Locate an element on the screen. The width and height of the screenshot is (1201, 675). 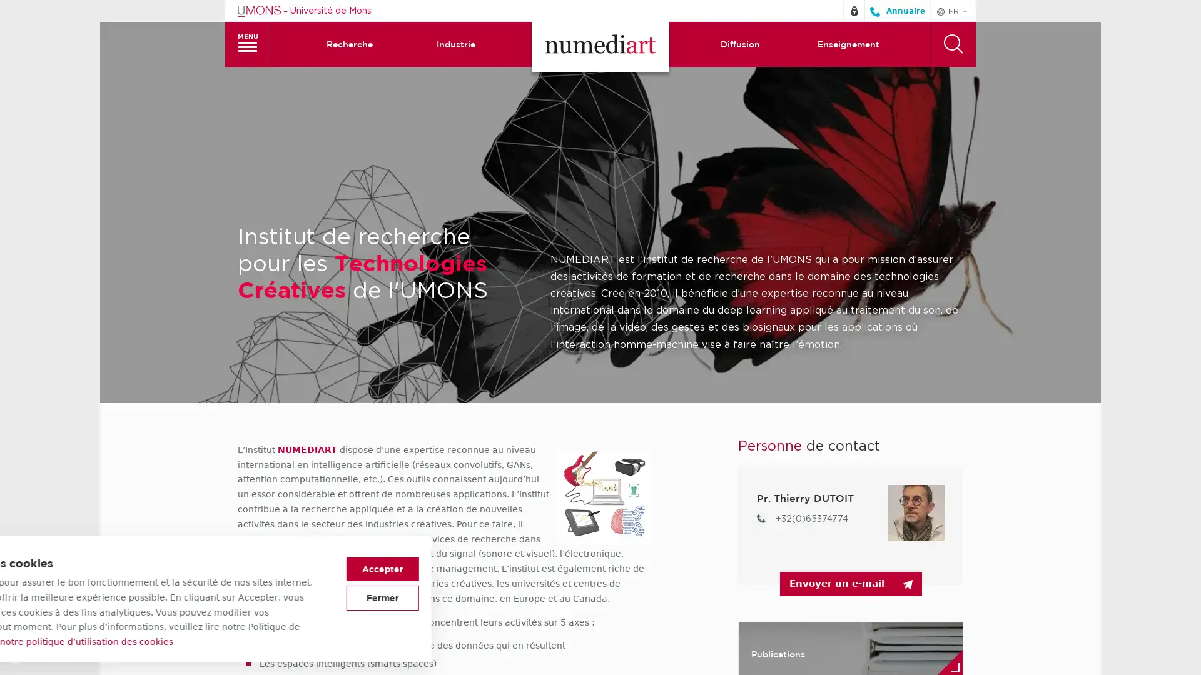
Accepter is located at coordinates (833, 569).